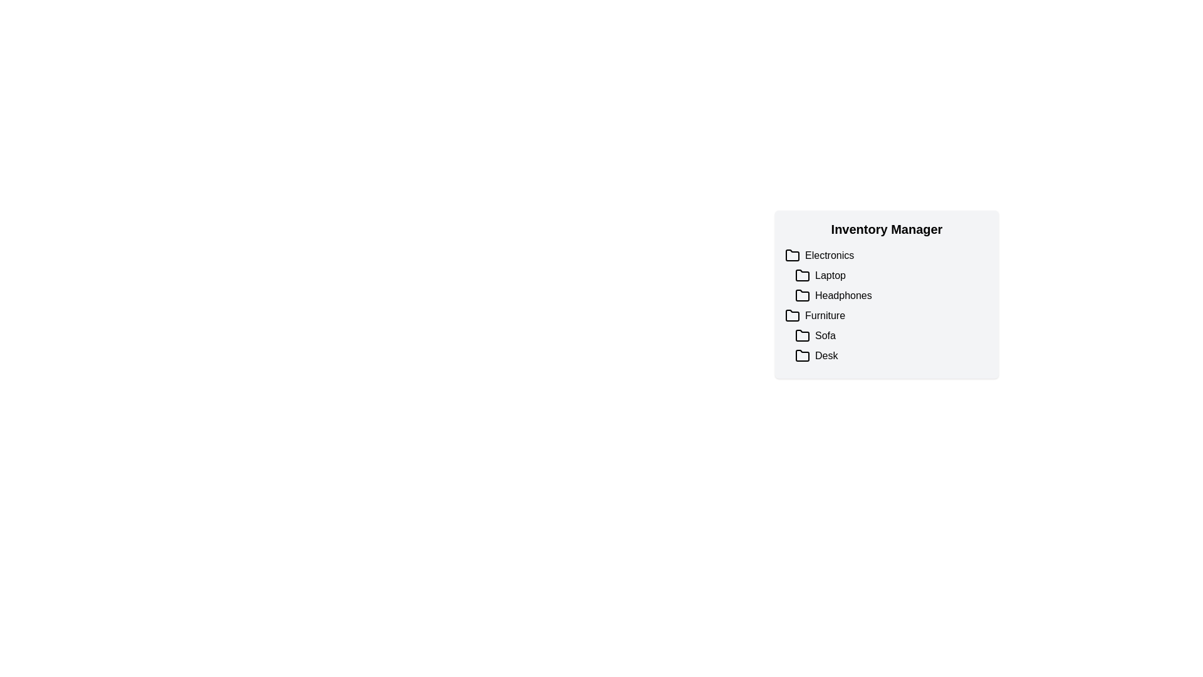 This screenshot has height=677, width=1203. I want to click on the 'Electronics' category list item in the Inventory Manager, so click(886, 255).